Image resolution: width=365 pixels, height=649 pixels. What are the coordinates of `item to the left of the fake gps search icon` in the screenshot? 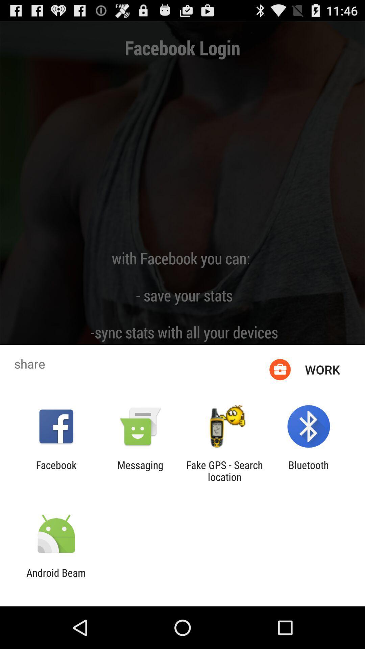 It's located at (140, 471).